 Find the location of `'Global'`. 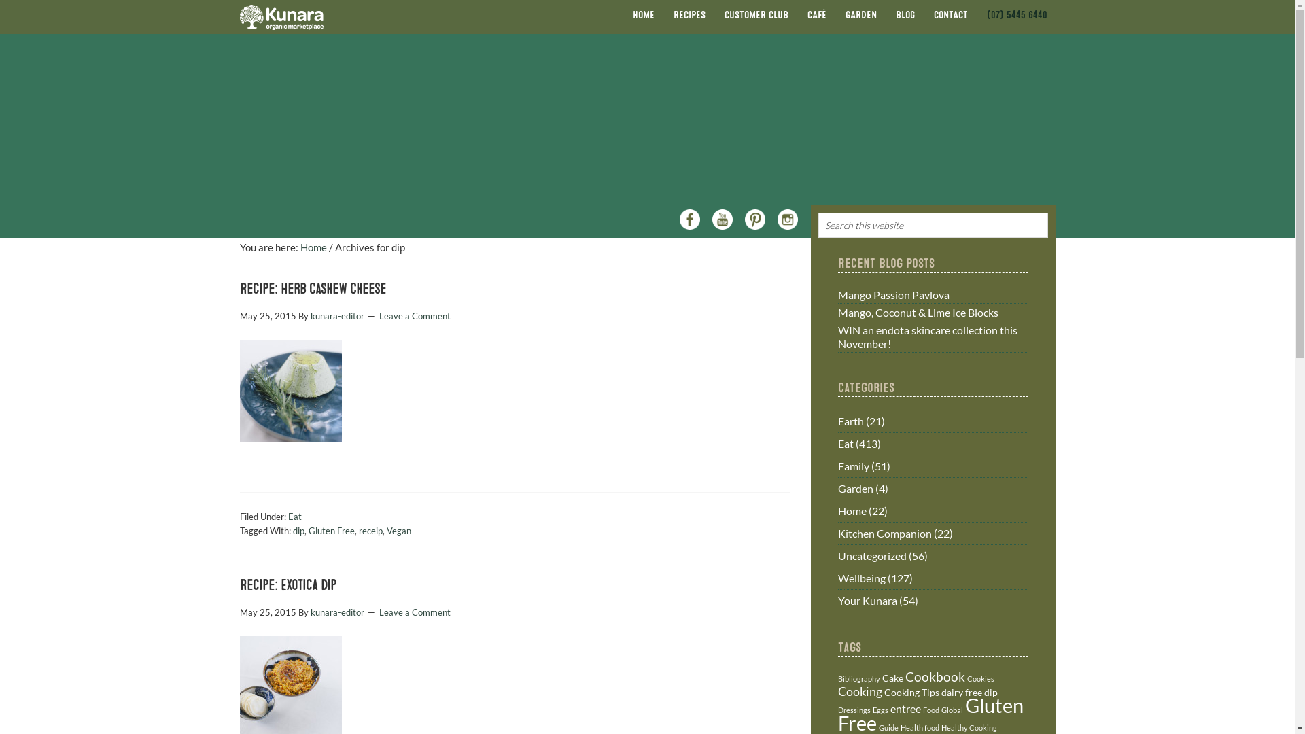

'Global' is located at coordinates (951, 709).